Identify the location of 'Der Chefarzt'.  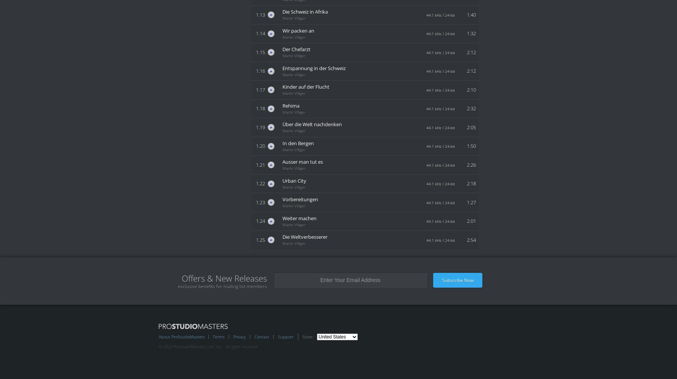
(296, 49).